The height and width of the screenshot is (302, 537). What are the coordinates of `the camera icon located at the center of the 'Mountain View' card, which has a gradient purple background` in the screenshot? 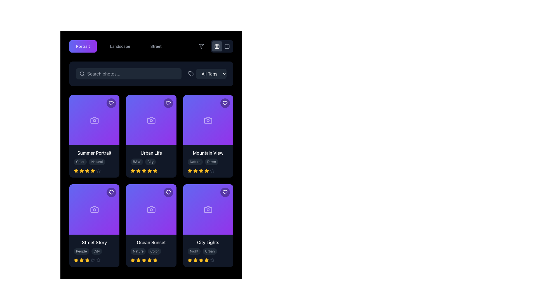 It's located at (208, 120).